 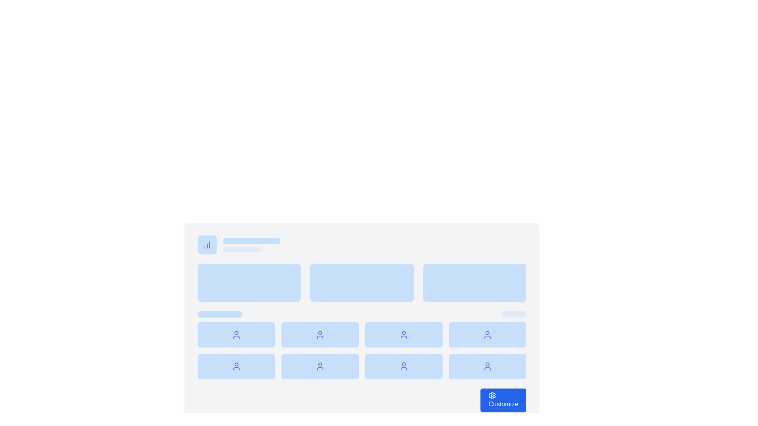 What do you see at coordinates (320, 366) in the screenshot?
I see `the user account icon located in the bottom row of the grid structure` at bounding box center [320, 366].